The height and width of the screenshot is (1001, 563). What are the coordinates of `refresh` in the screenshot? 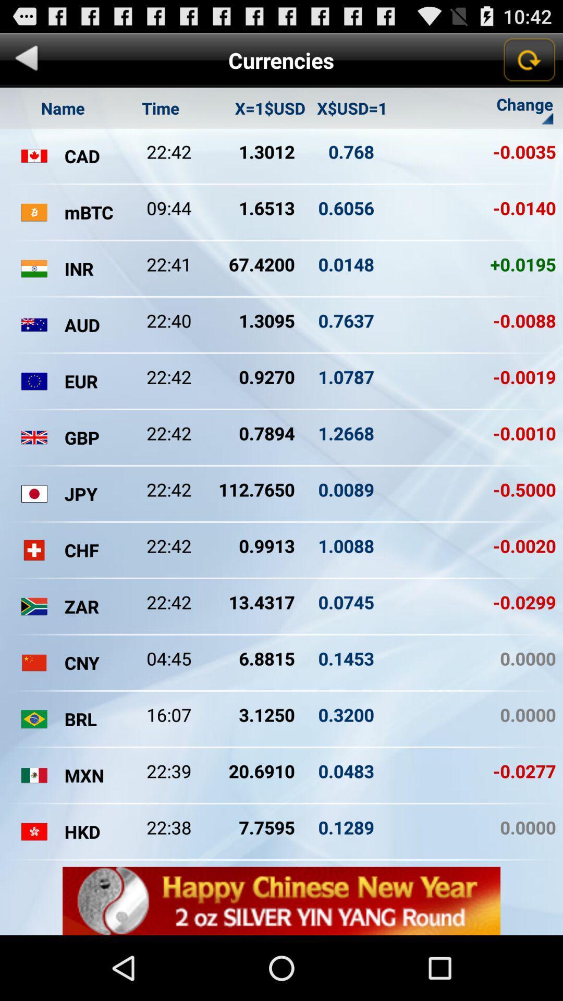 It's located at (529, 59).